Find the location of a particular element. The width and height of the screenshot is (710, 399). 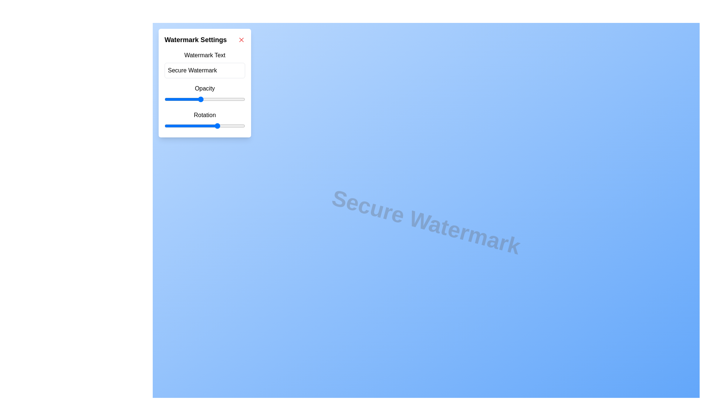

the rotation value is located at coordinates (222, 125).